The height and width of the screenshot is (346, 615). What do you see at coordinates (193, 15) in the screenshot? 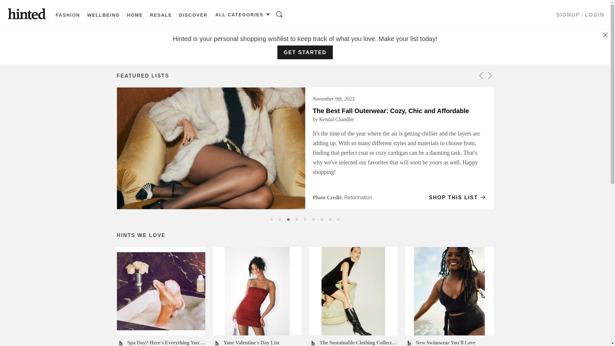
I see `'DISCOVER'` at bounding box center [193, 15].